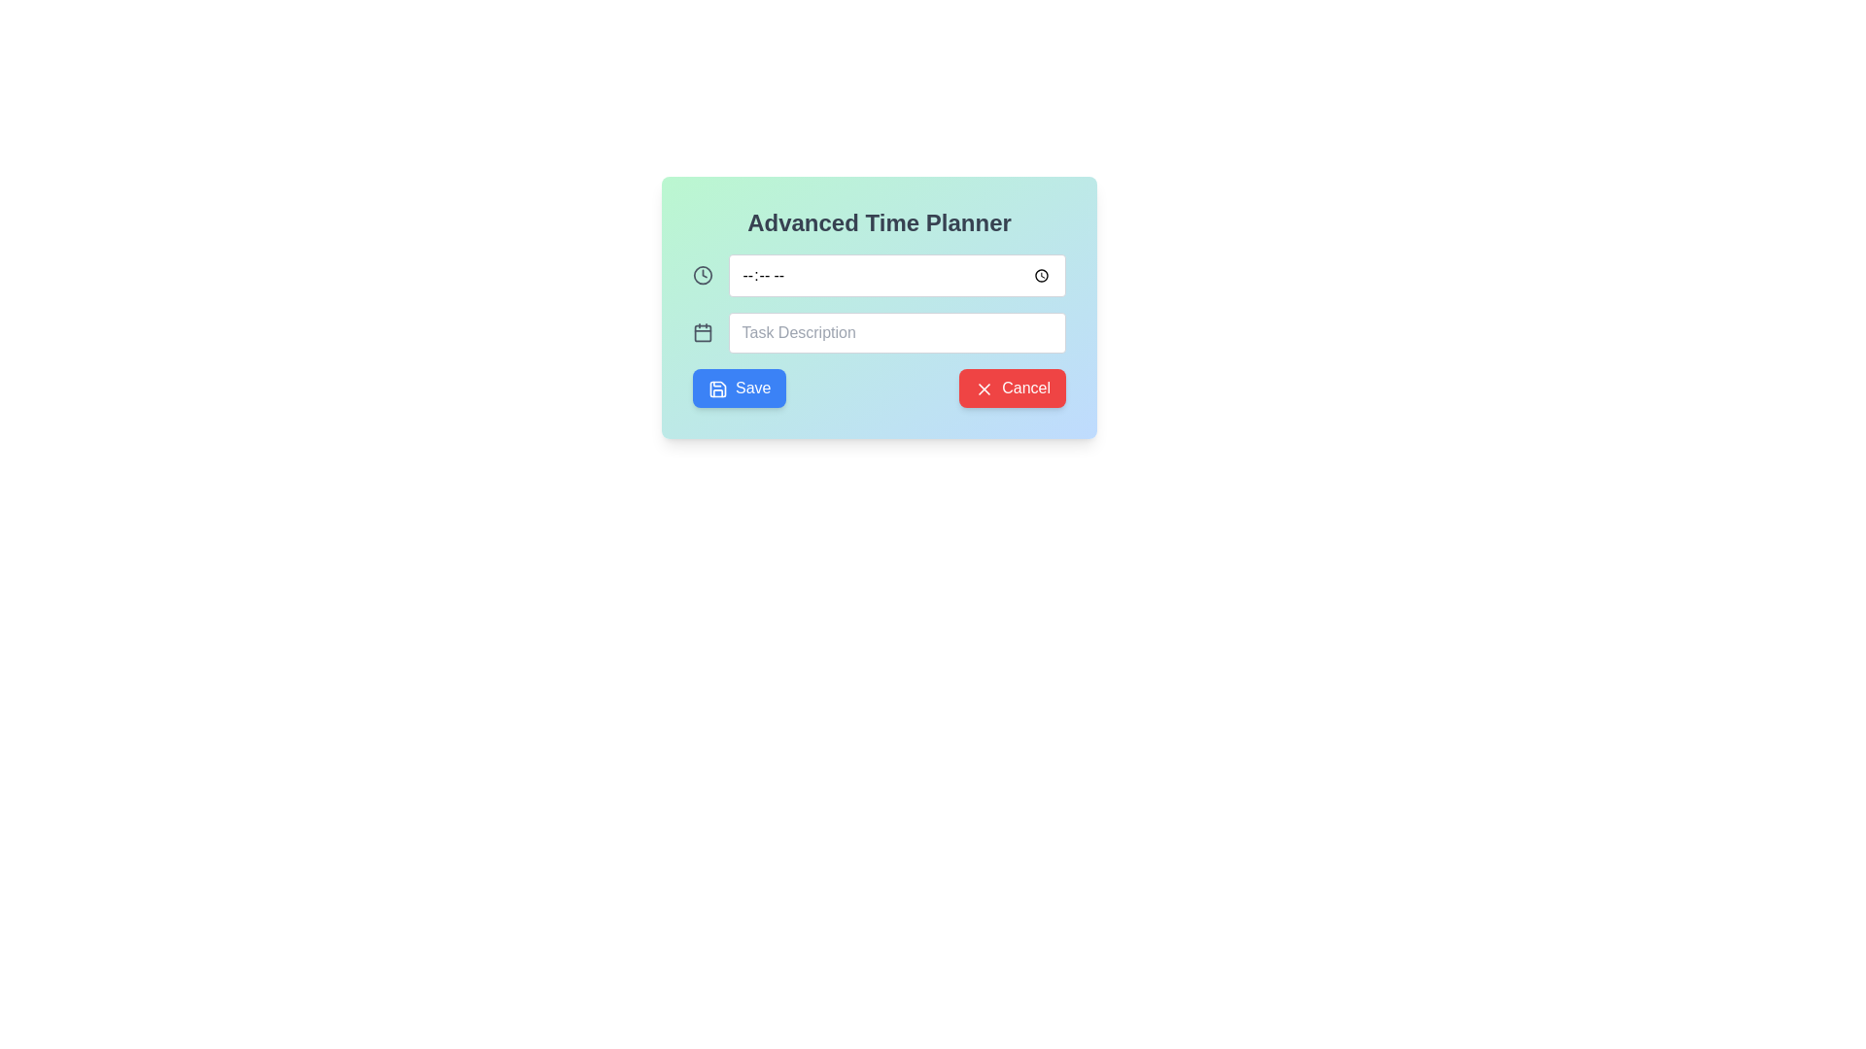 Image resolution: width=1866 pixels, height=1049 pixels. Describe the element at coordinates (702, 332) in the screenshot. I see `the decorative or functional calendar icon located to the left of the 'Task Description' text input field` at that location.